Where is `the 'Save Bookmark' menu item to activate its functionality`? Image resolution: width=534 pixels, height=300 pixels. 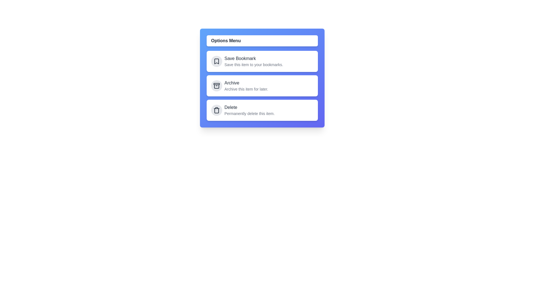 the 'Save Bookmark' menu item to activate its functionality is located at coordinates (262, 61).